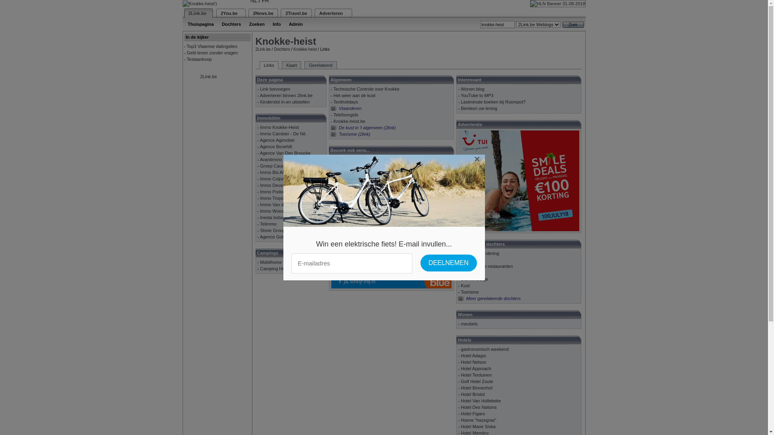 The height and width of the screenshot is (435, 774). I want to click on 'Thuispagina', so click(201, 24).